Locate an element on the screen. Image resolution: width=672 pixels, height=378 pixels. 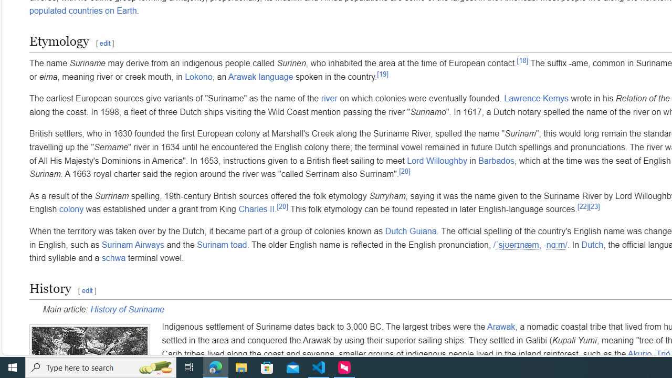
'Arawak' is located at coordinates (500, 327).